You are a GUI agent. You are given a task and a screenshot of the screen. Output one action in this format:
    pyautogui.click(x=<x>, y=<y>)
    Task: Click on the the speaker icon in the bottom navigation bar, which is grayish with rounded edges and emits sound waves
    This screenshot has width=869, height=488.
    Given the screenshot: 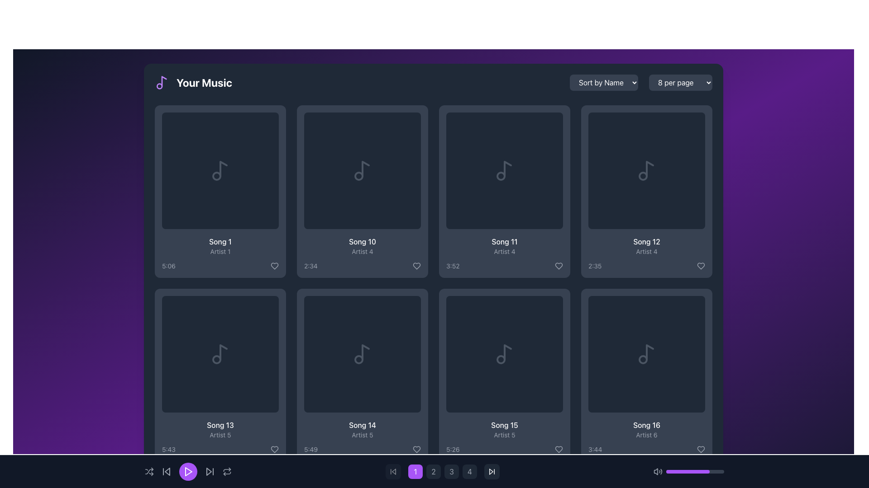 What is the action you would take?
    pyautogui.click(x=658, y=471)
    